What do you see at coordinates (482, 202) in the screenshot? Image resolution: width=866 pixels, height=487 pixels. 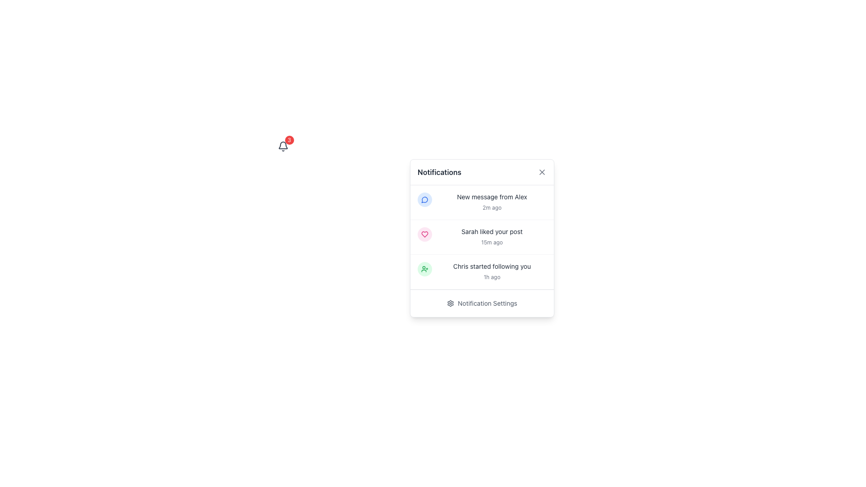 I see `the notification entry with the message 'New message from Alex'` at bounding box center [482, 202].